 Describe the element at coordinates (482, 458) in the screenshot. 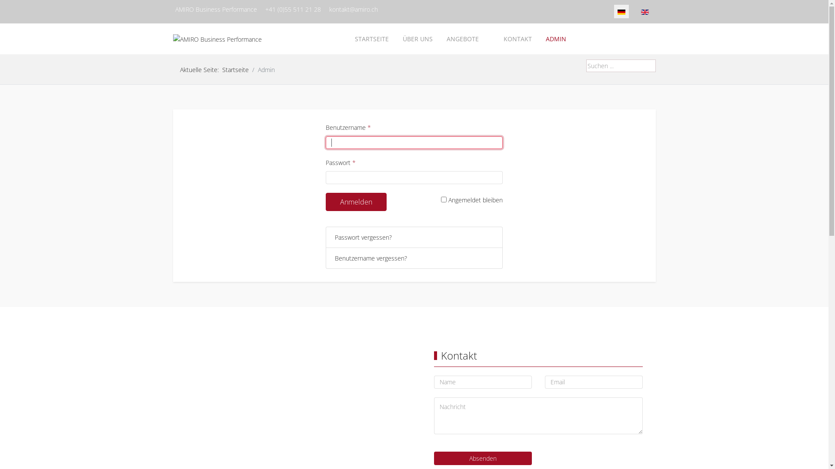

I see `'Absenden'` at that location.